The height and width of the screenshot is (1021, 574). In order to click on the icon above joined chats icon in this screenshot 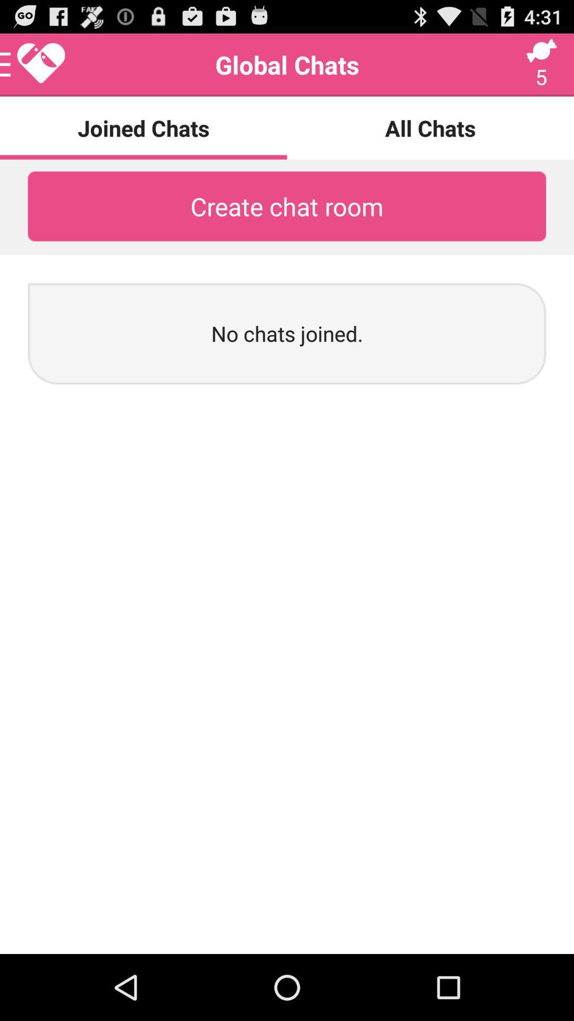, I will do `click(32, 64)`.